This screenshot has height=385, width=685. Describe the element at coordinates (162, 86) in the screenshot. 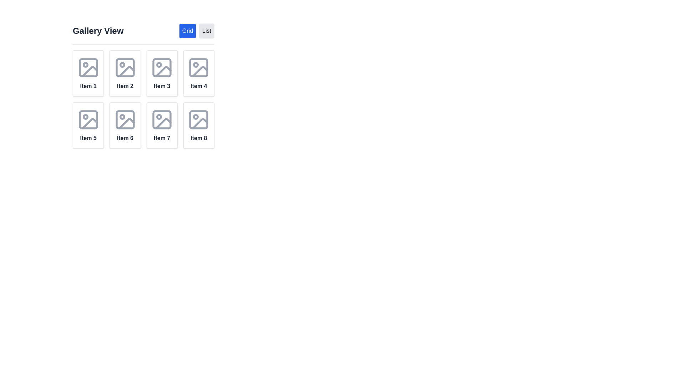

I see `text from the label located at the bottom of the third card in the grid layout` at that location.